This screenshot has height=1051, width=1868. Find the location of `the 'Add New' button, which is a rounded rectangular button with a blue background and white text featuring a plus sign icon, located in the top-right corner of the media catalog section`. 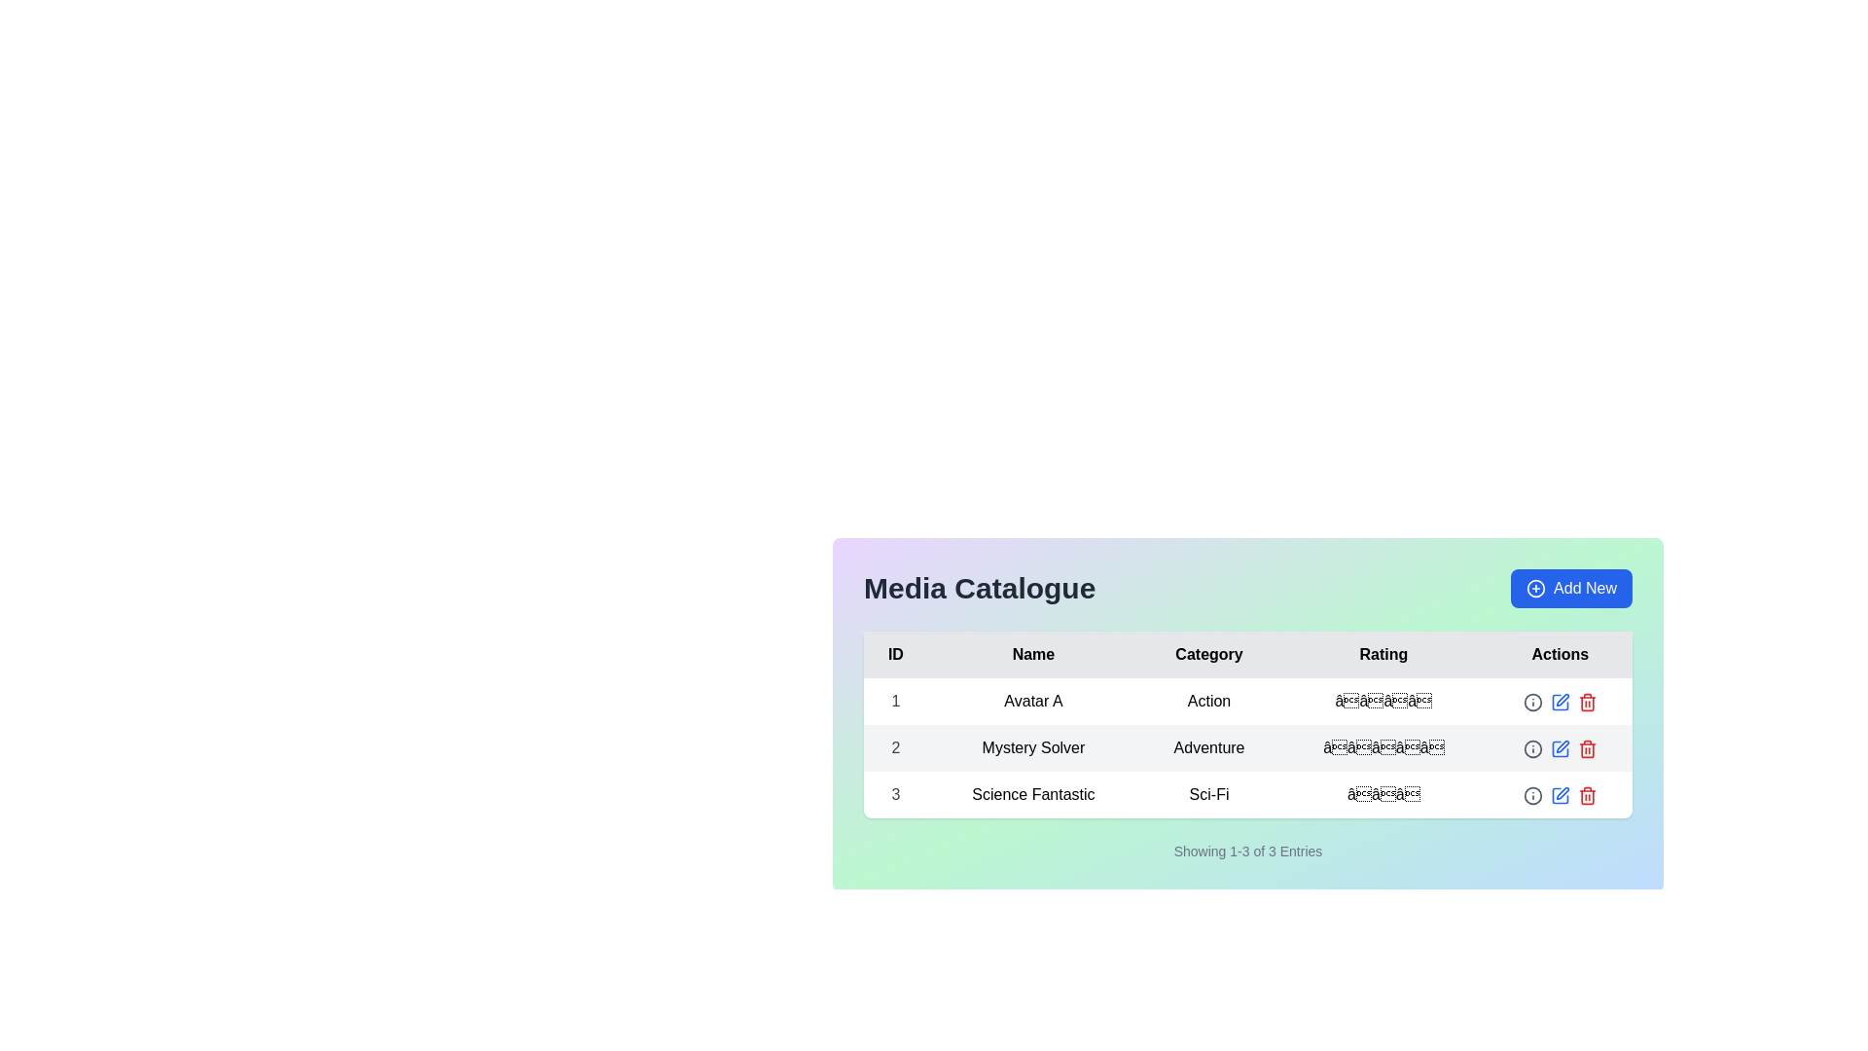

the 'Add New' button, which is a rounded rectangular button with a blue background and white text featuring a plus sign icon, located in the top-right corner of the media catalog section is located at coordinates (1571, 588).